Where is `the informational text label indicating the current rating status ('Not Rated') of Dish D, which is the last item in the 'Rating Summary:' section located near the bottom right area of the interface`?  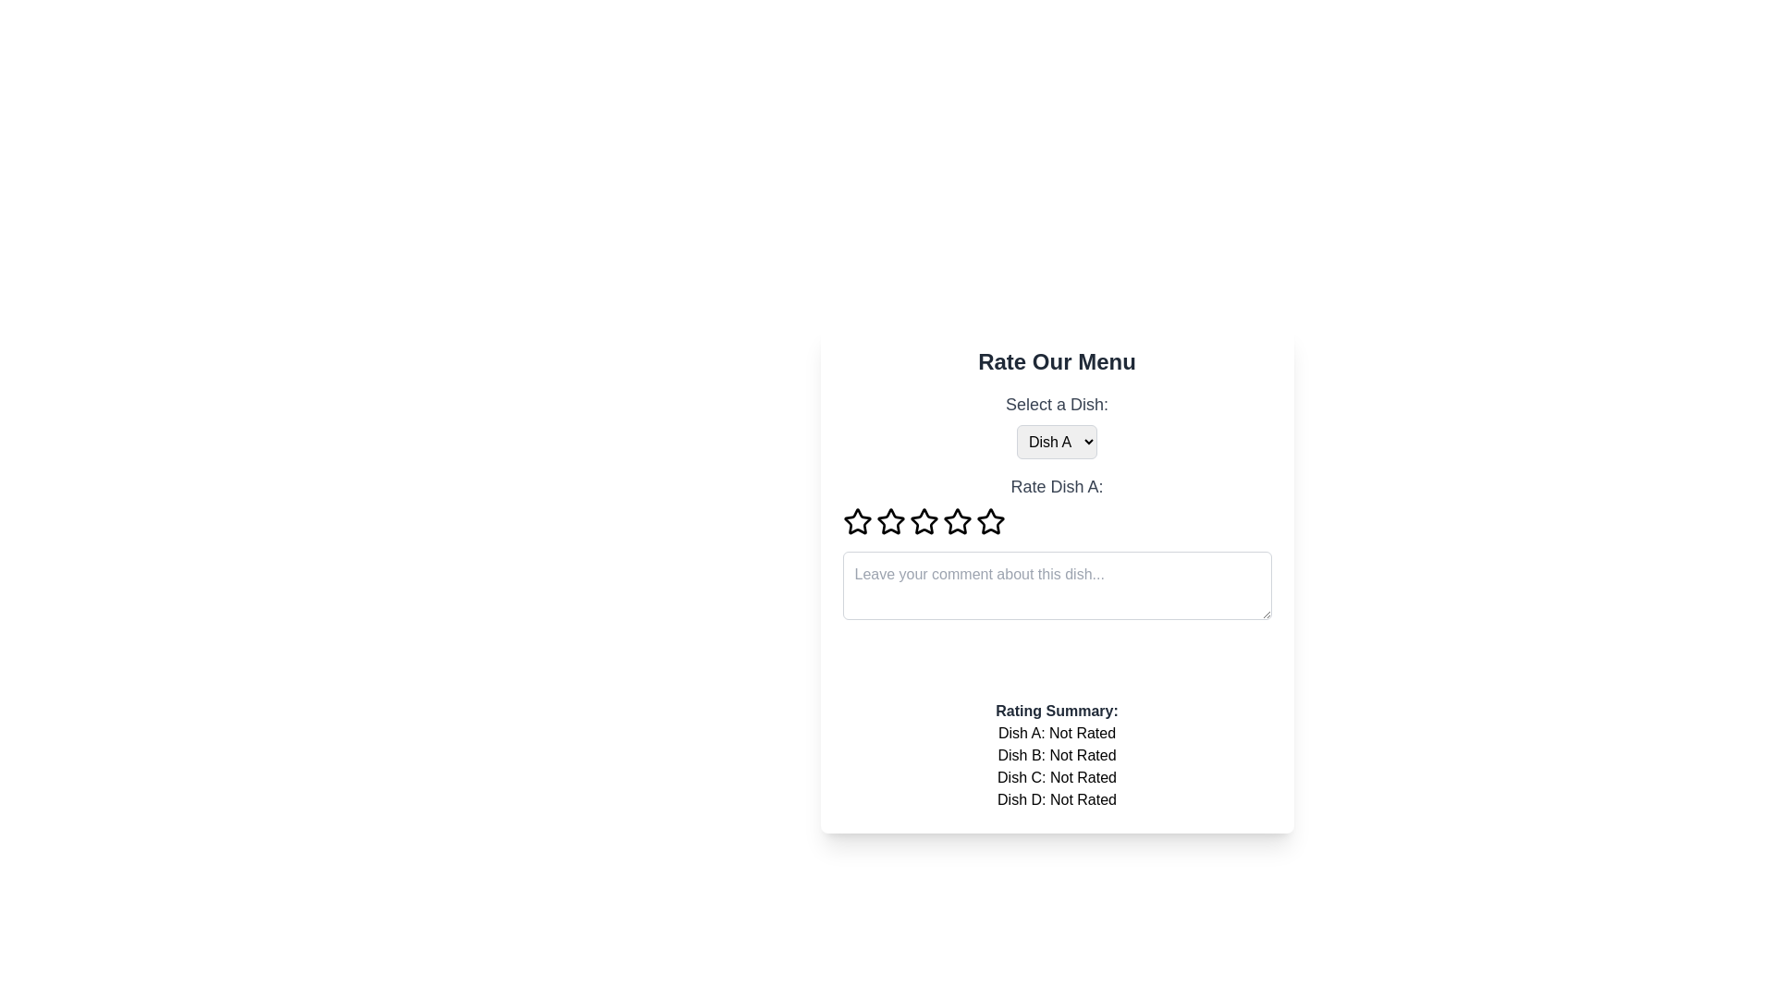 the informational text label indicating the current rating status ('Not Rated') of Dish D, which is the last item in the 'Rating Summary:' section located near the bottom right area of the interface is located at coordinates (1057, 799).